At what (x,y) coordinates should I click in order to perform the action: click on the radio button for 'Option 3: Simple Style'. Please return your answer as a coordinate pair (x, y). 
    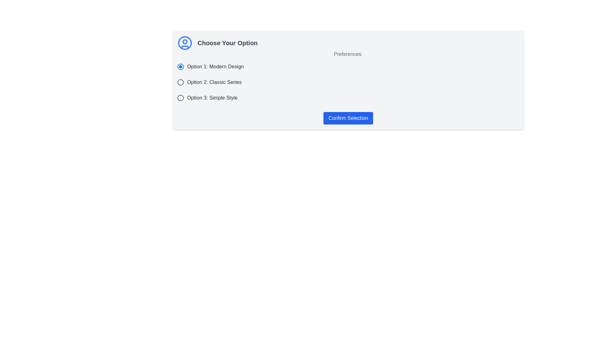
    Looking at the image, I should click on (180, 98).